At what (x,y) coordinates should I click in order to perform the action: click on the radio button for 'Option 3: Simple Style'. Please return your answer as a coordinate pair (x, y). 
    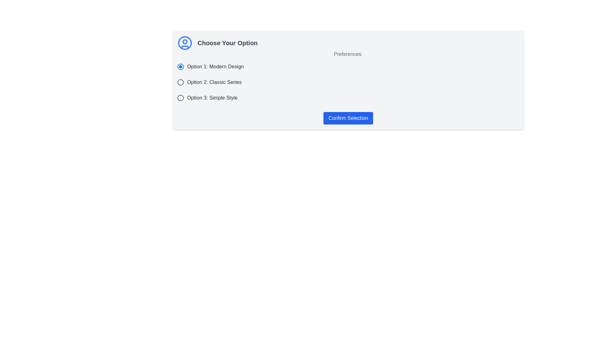
    Looking at the image, I should click on (180, 98).